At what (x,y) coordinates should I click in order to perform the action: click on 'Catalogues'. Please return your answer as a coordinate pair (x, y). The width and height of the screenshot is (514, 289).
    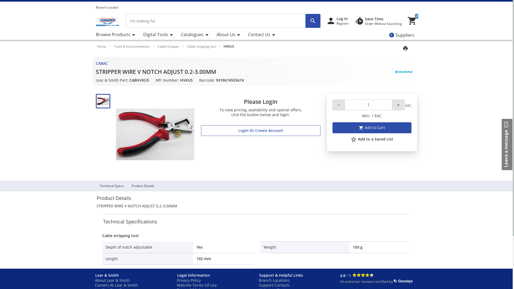
    Looking at the image, I should click on (177, 35).